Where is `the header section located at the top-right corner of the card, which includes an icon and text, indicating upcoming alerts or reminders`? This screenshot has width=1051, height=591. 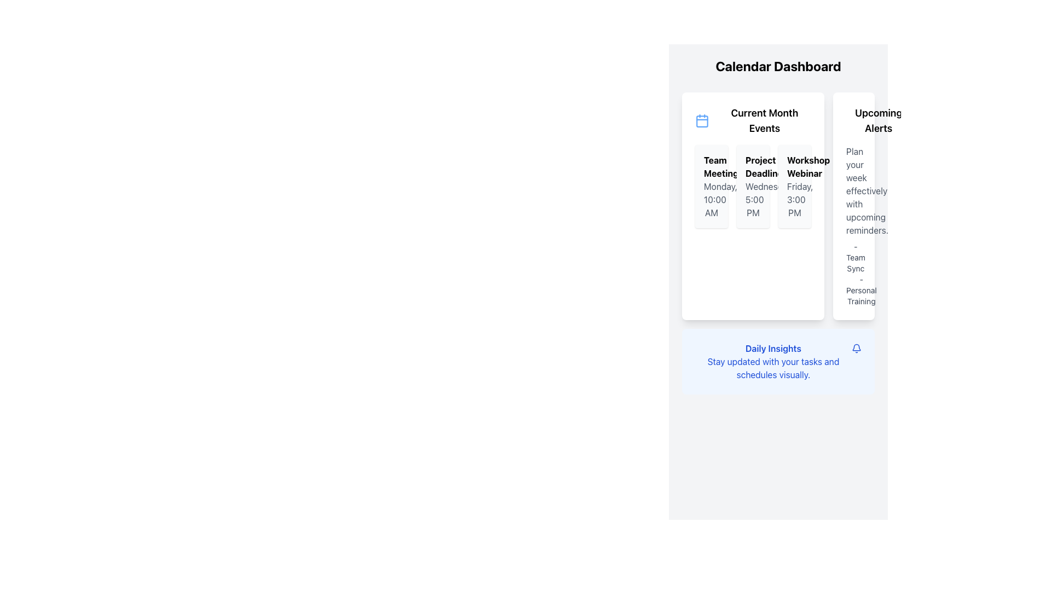 the header section located at the top-right corner of the card, which includes an icon and text, indicating upcoming alerts or reminders is located at coordinates (853, 120).